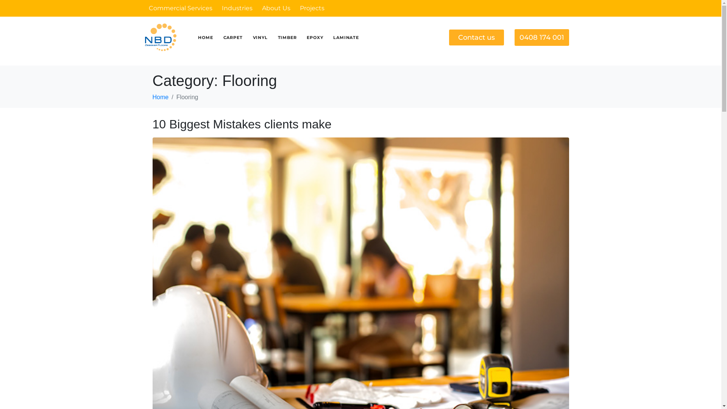 This screenshot has height=409, width=727. What do you see at coordinates (541, 37) in the screenshot?
I see `'0408 174 001'` at bounding box center [541, 37].